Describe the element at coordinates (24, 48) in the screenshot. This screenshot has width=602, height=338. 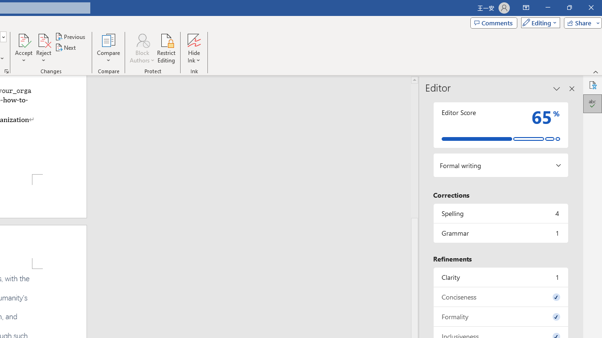
I see `'Accept'` at that location.